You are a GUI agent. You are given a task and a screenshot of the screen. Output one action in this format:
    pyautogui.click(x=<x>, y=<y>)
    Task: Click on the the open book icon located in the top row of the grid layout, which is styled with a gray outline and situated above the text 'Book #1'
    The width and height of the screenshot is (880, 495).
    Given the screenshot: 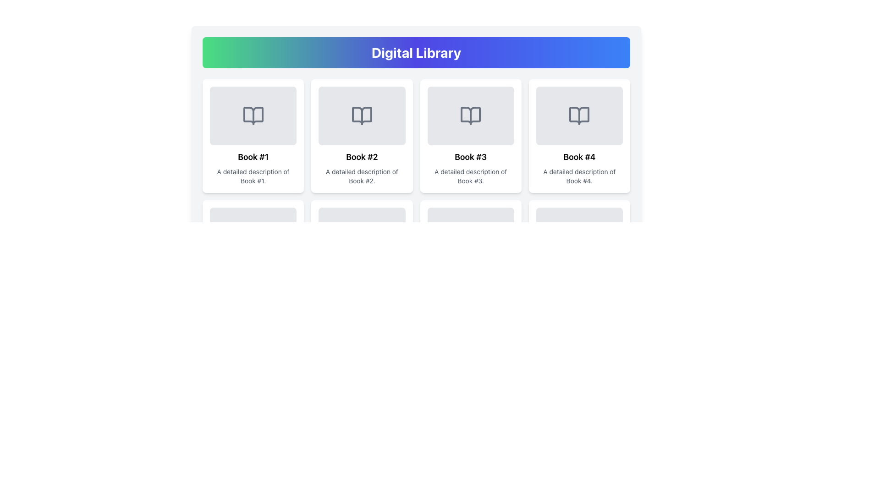 What is the action you would take?
    pyautogui.click(x=253, y=115)
    